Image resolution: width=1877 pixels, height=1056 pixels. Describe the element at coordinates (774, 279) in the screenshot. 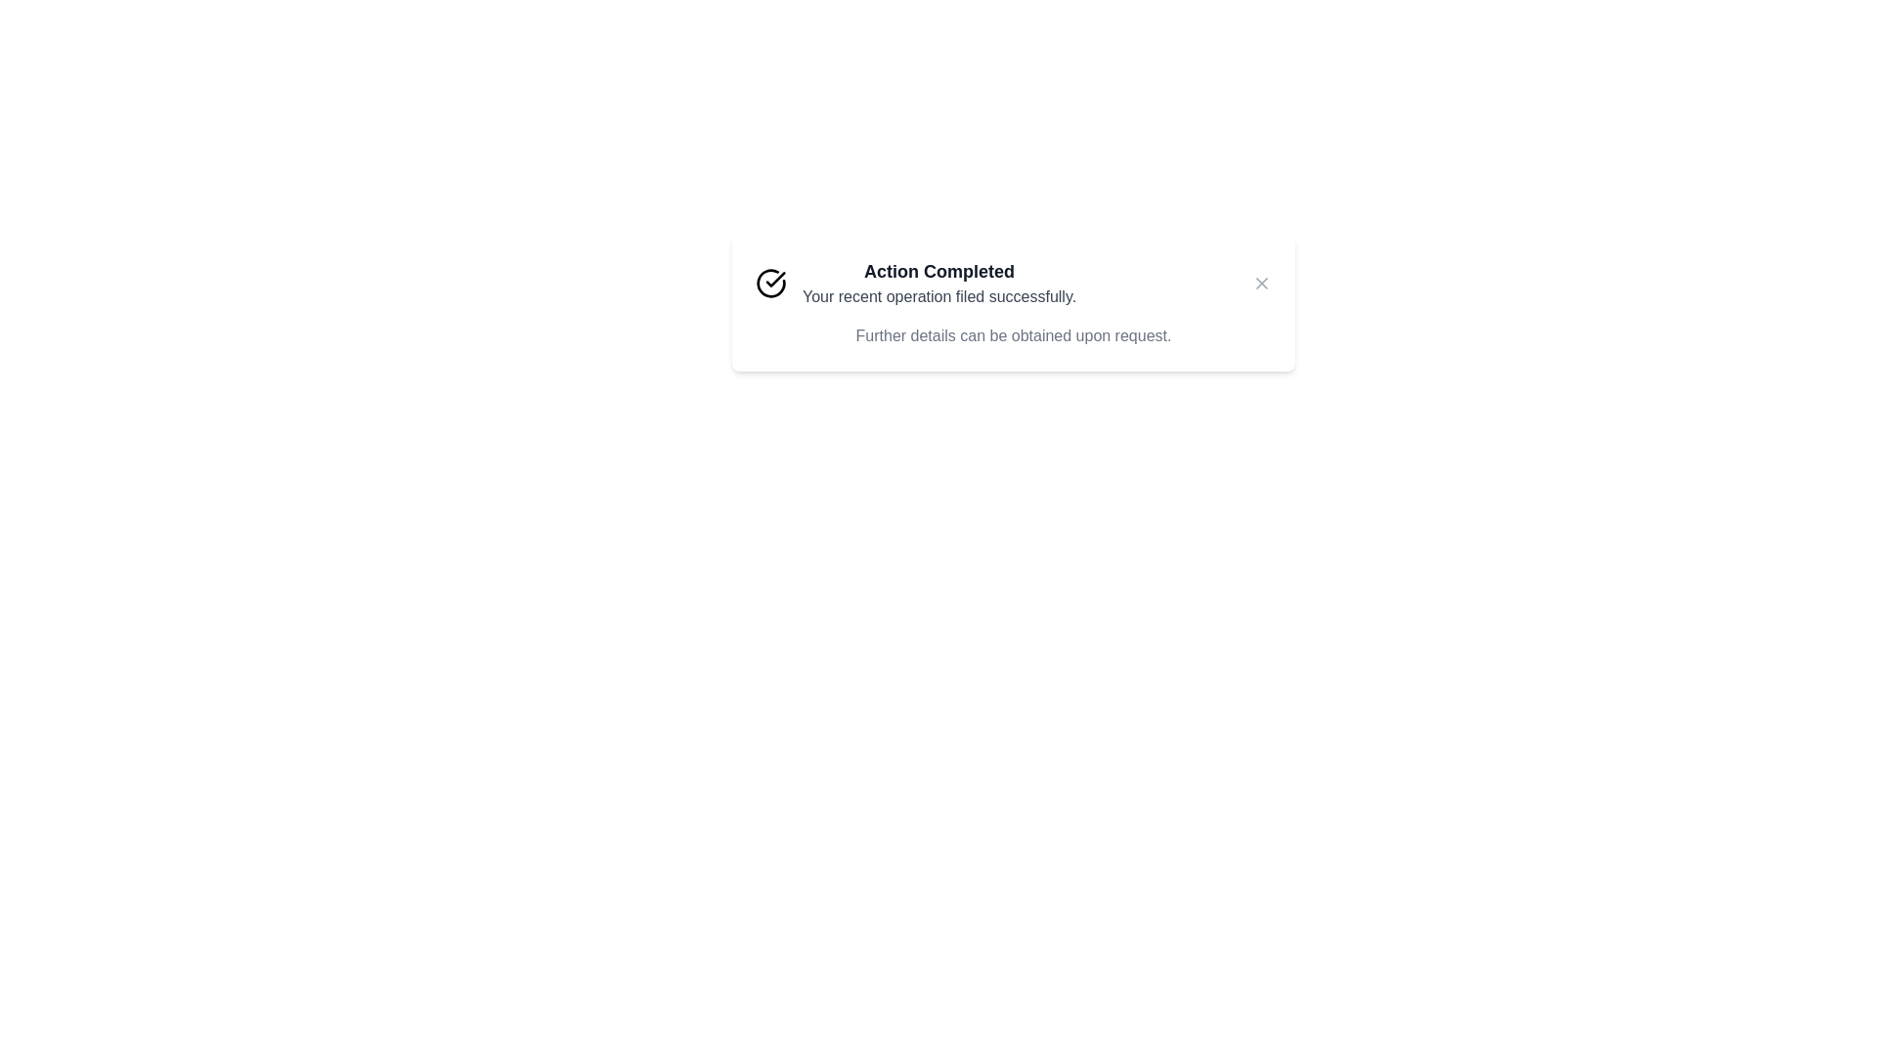

I see `the SVG checkmark icon that indicates successful completion, located centrally within a circular icon at the top-left of the notification card` at that location.